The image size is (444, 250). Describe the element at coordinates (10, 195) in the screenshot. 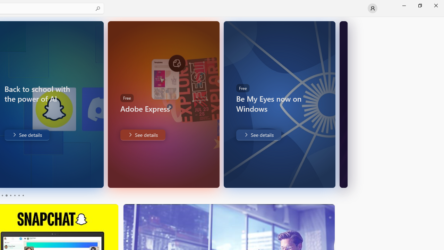

I see `'Page 3'` at that location.